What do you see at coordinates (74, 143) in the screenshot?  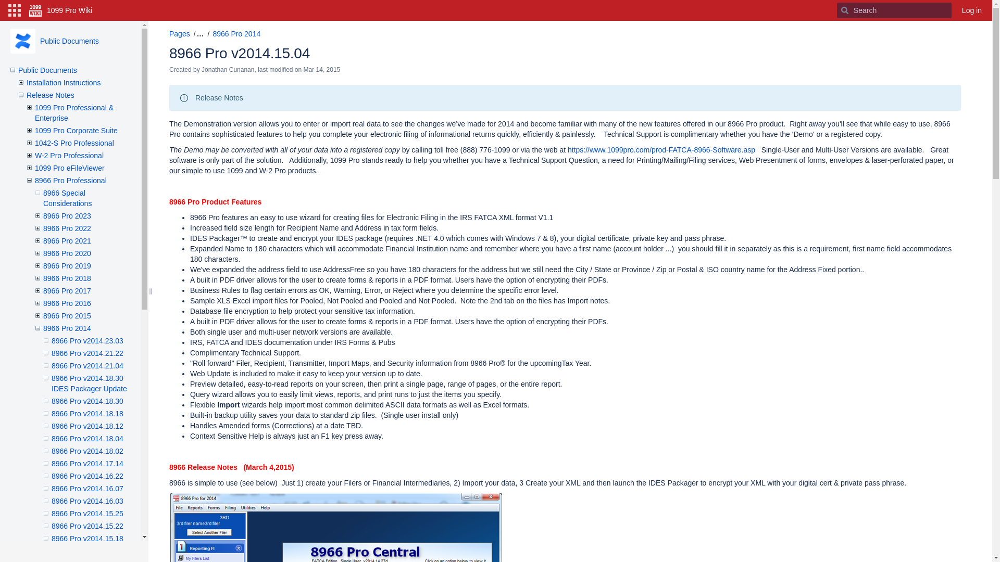 I see `'1042-S Pro Professional'` at bounding box center [74, 143].